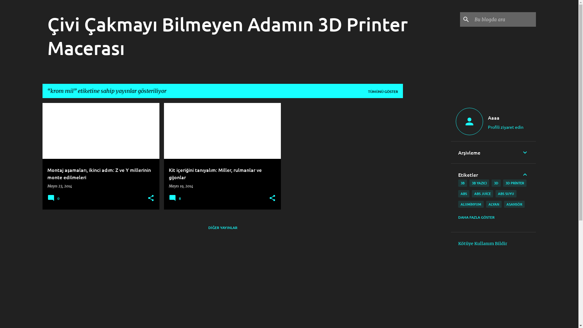 The image size is (583, 328). I want to click on '3B', so click(462, 183).